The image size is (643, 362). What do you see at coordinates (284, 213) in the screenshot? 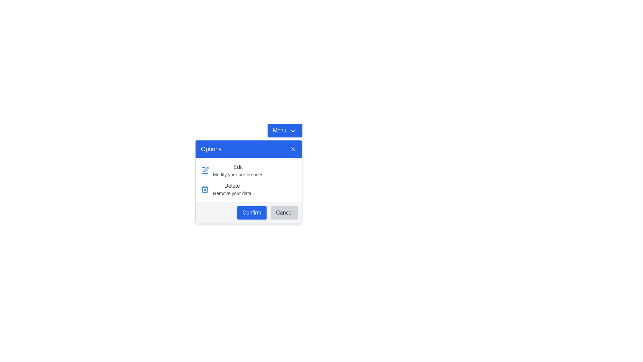
I see `the cancel button located to the right of the 'Confirm' button in the modal dialog box` at bounding box center [284, 213].